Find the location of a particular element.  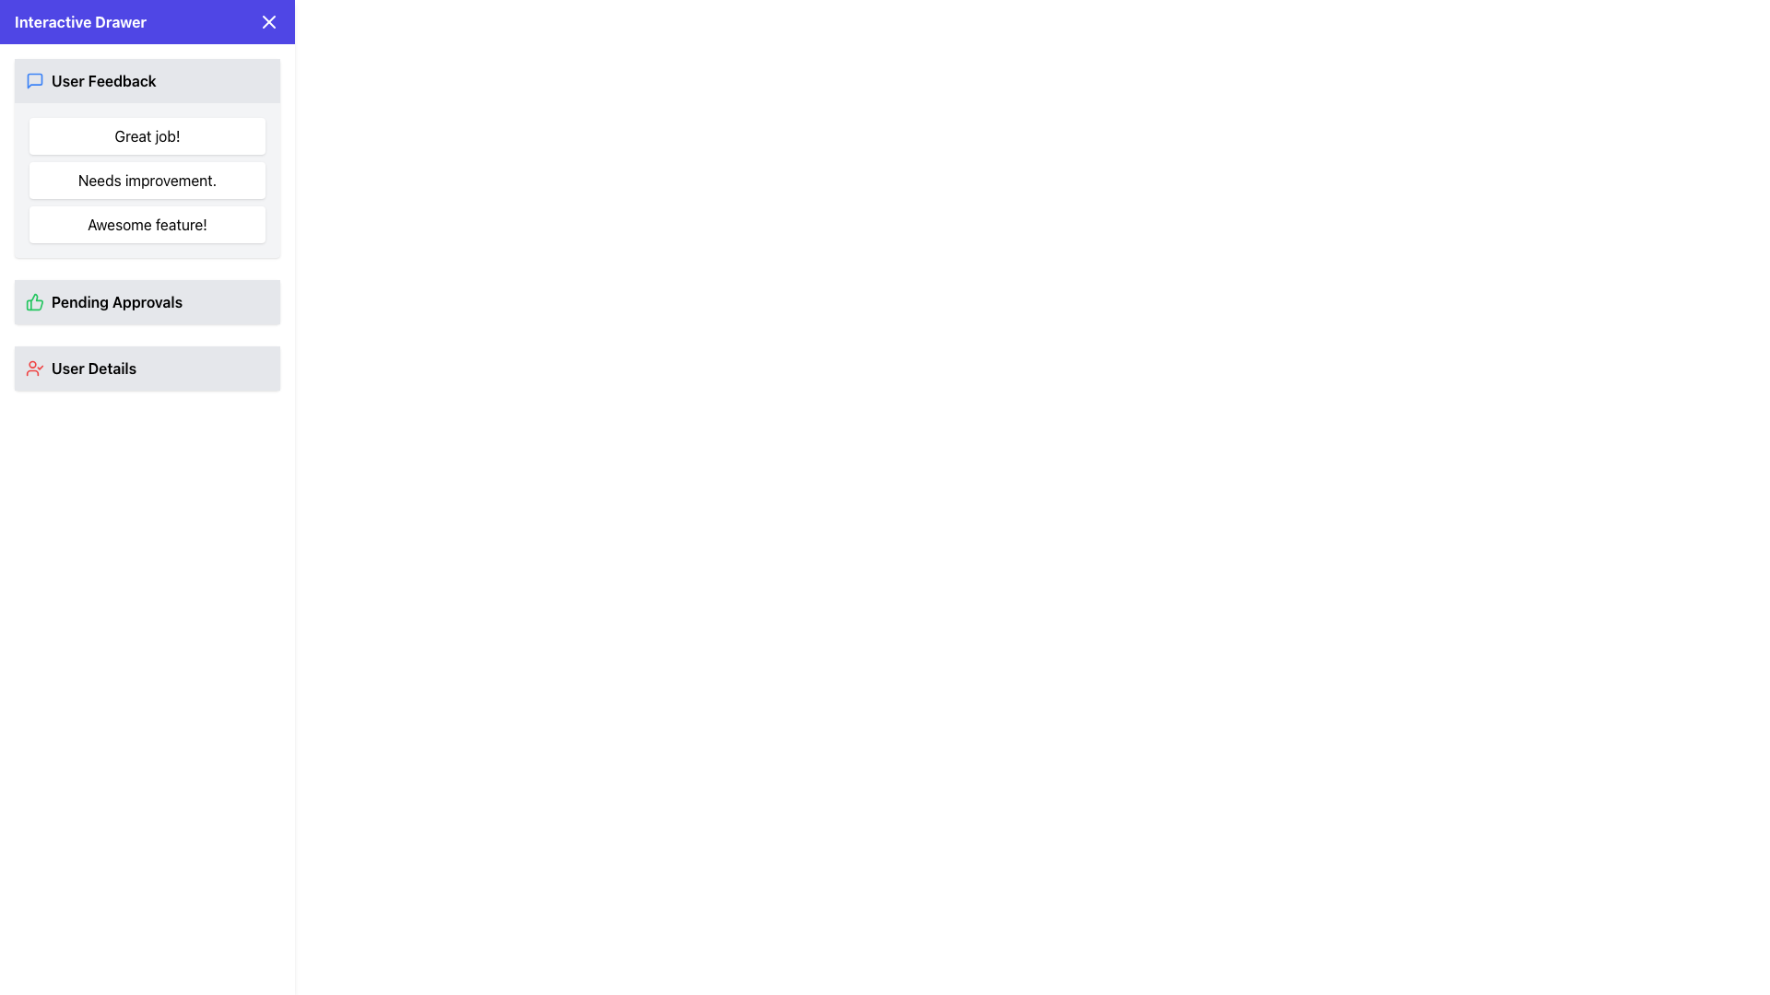

the speech bubble icon in the 'Interactive Drawer' sidebar, which is blue and positioned next to the 'User Feedback' label is located at coordinates (35, 80).